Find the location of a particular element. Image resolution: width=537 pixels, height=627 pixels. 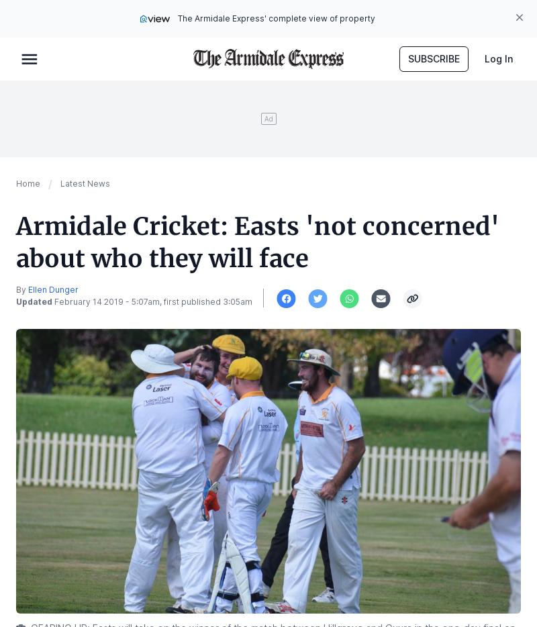

'The Armidale Express' complete view of property' is located at coordinates (277, 17).